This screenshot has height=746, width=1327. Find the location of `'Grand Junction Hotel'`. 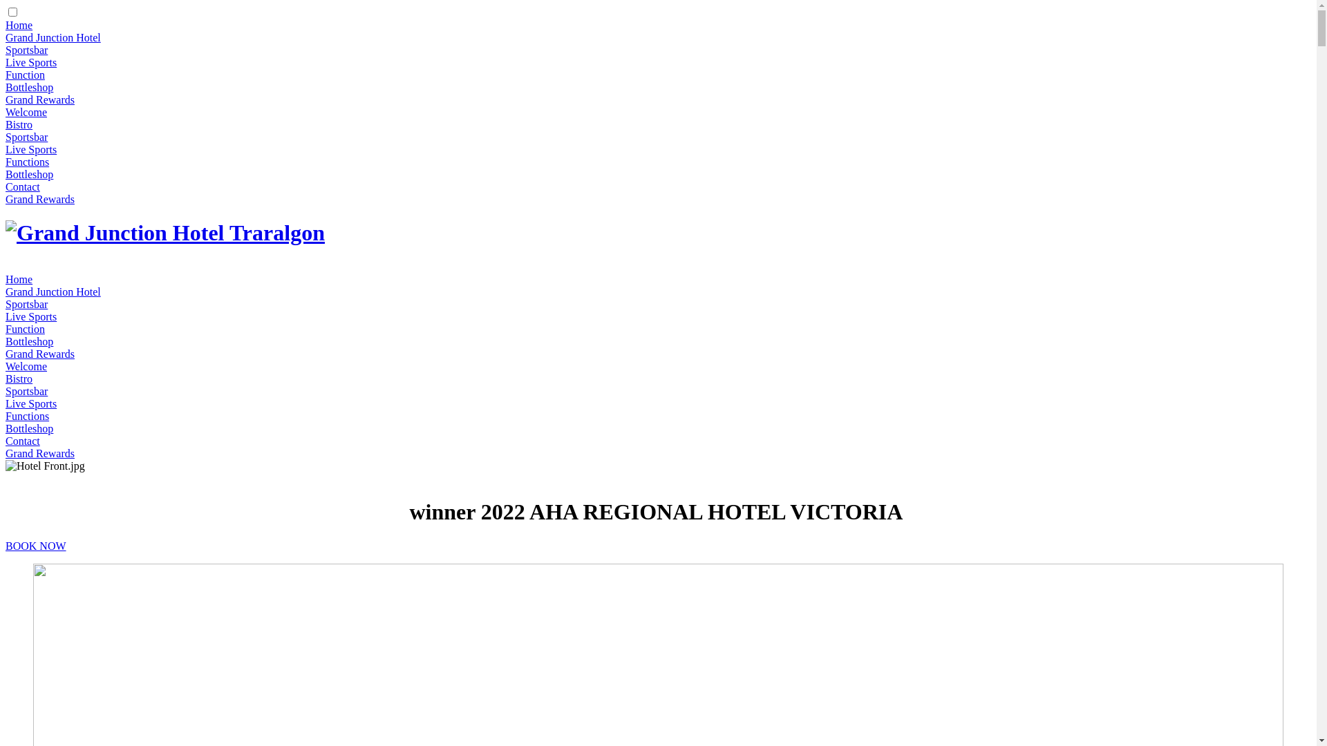

'Grand Junction Hotel' is located at coordinates (53, 37).